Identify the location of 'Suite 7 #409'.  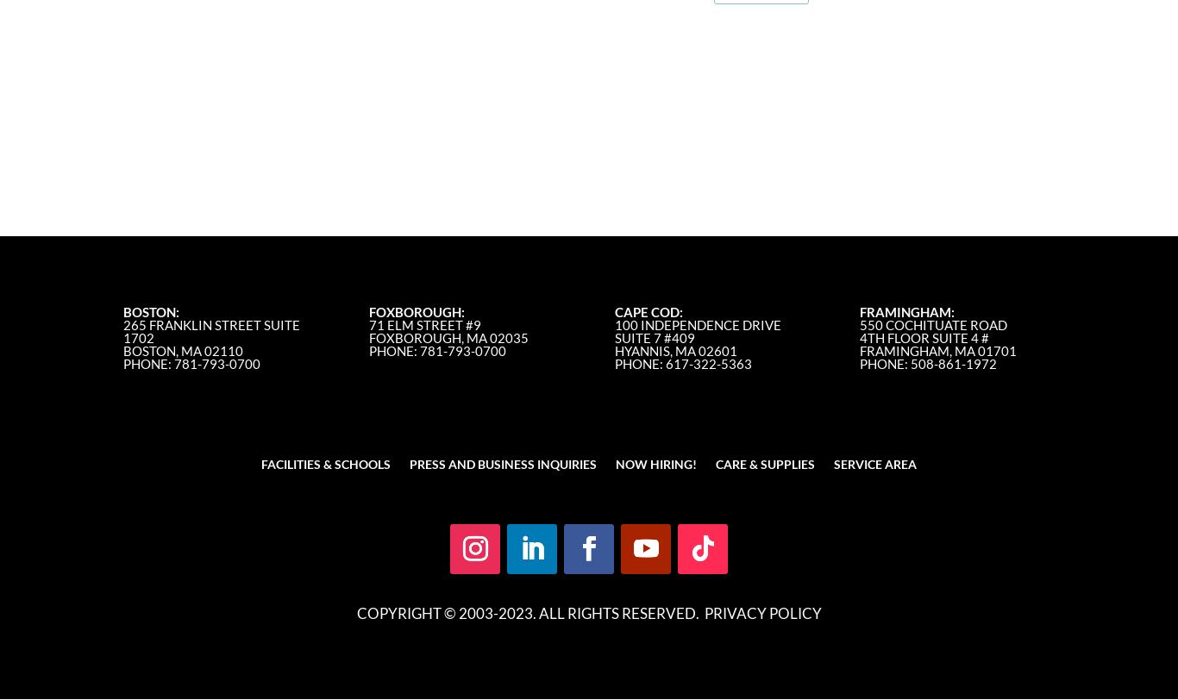
(613, 338).